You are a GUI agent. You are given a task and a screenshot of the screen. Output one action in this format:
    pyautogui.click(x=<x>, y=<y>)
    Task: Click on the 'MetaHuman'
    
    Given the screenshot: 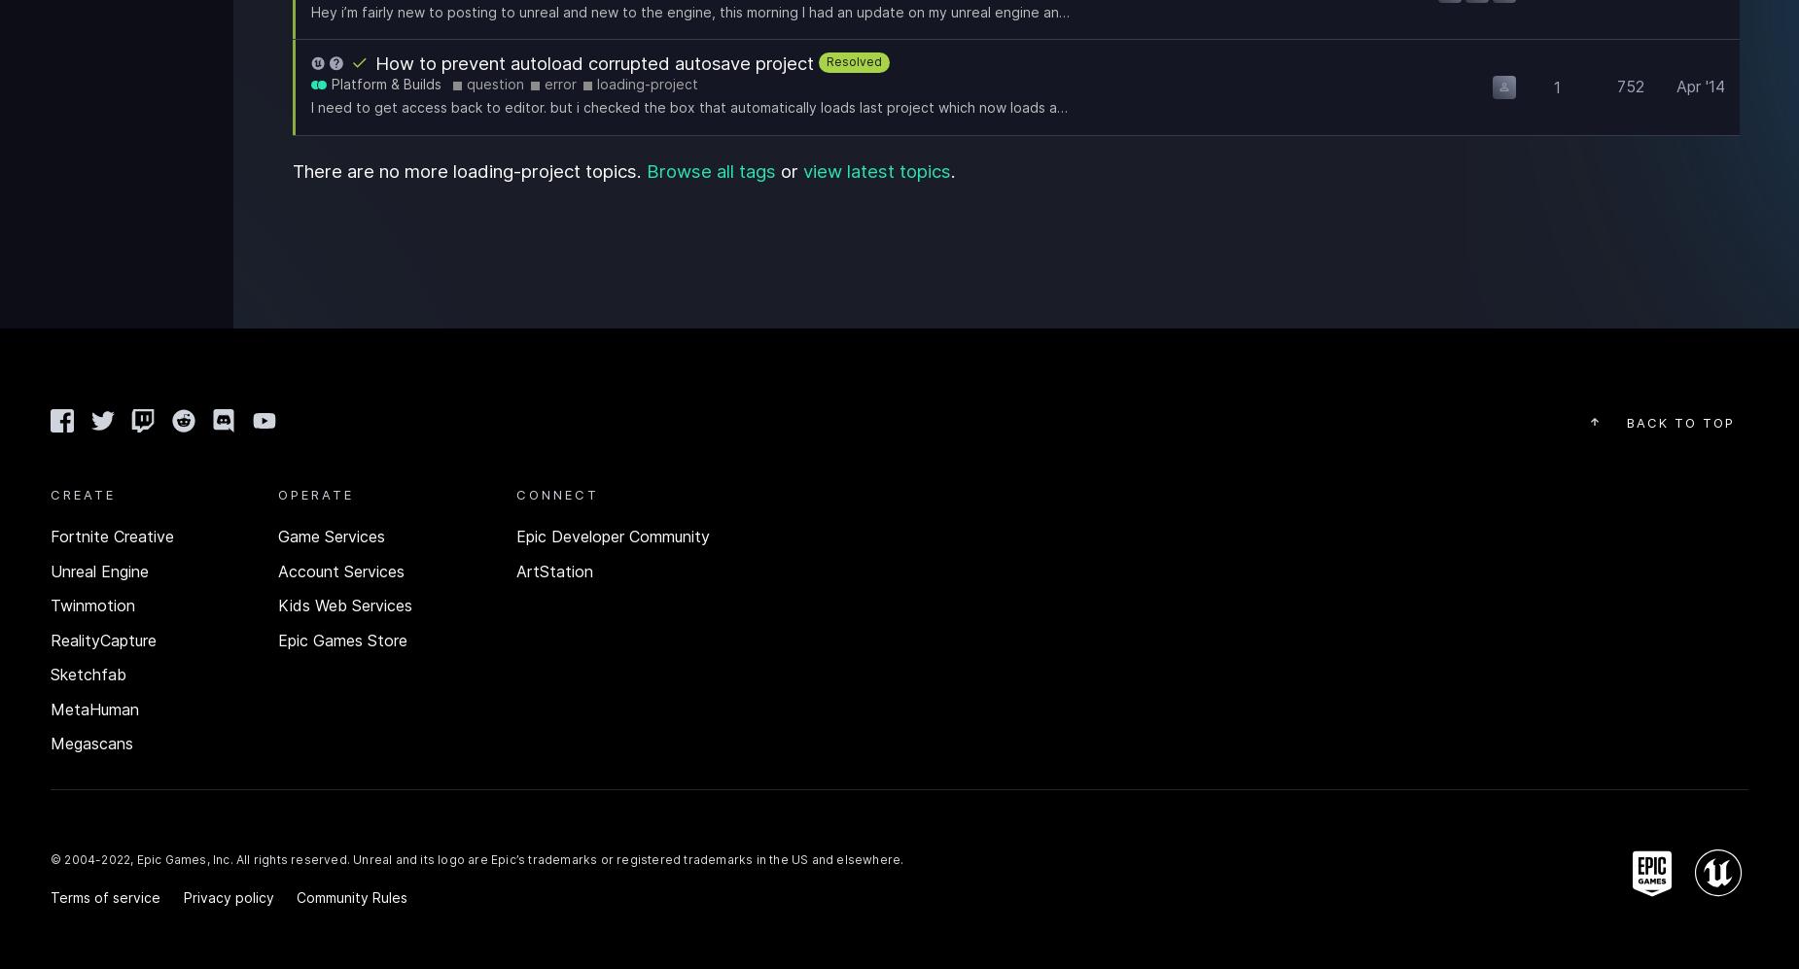 What is the action you would take?
    pyautogui.click(x=93, y=709)
    